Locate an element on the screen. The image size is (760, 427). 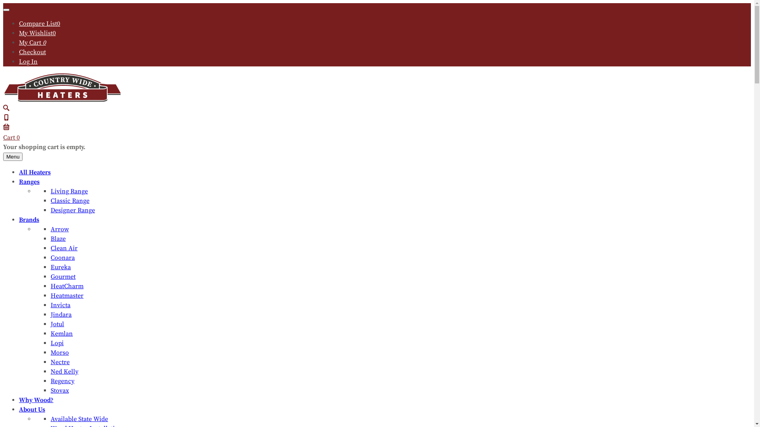
'Classic Range' is located at coordinates (70, 200).